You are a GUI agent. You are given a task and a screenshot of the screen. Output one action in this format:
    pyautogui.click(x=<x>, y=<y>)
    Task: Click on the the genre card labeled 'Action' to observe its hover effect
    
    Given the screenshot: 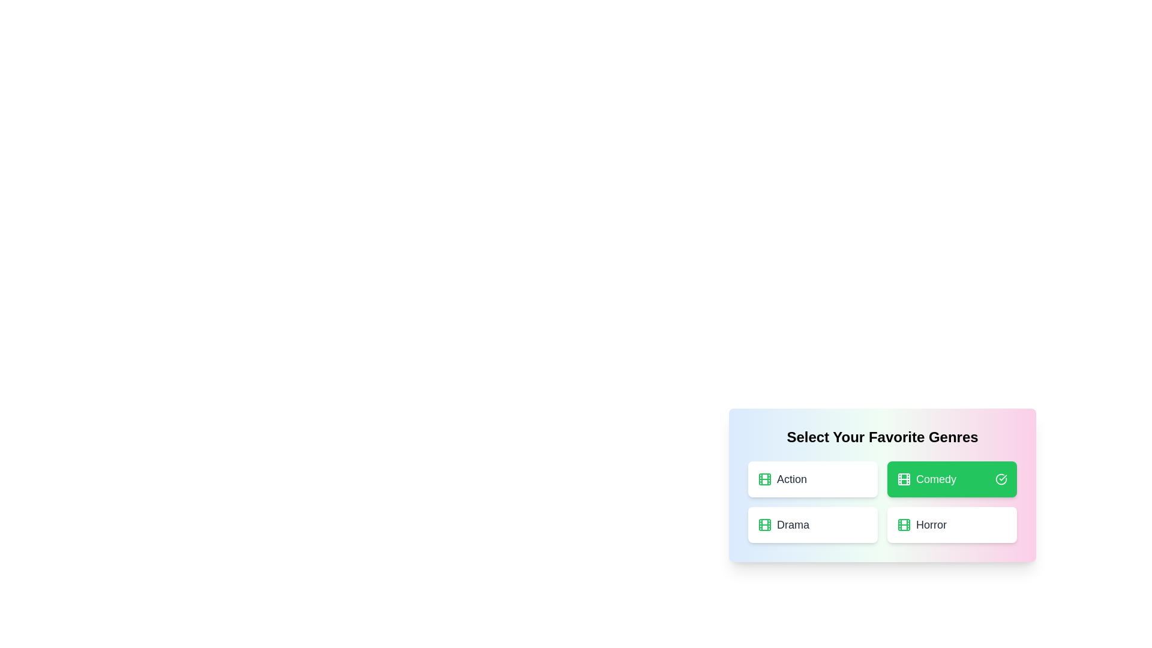 What is the action you would take?
    pyautogui.click(x=812, y=478)
    